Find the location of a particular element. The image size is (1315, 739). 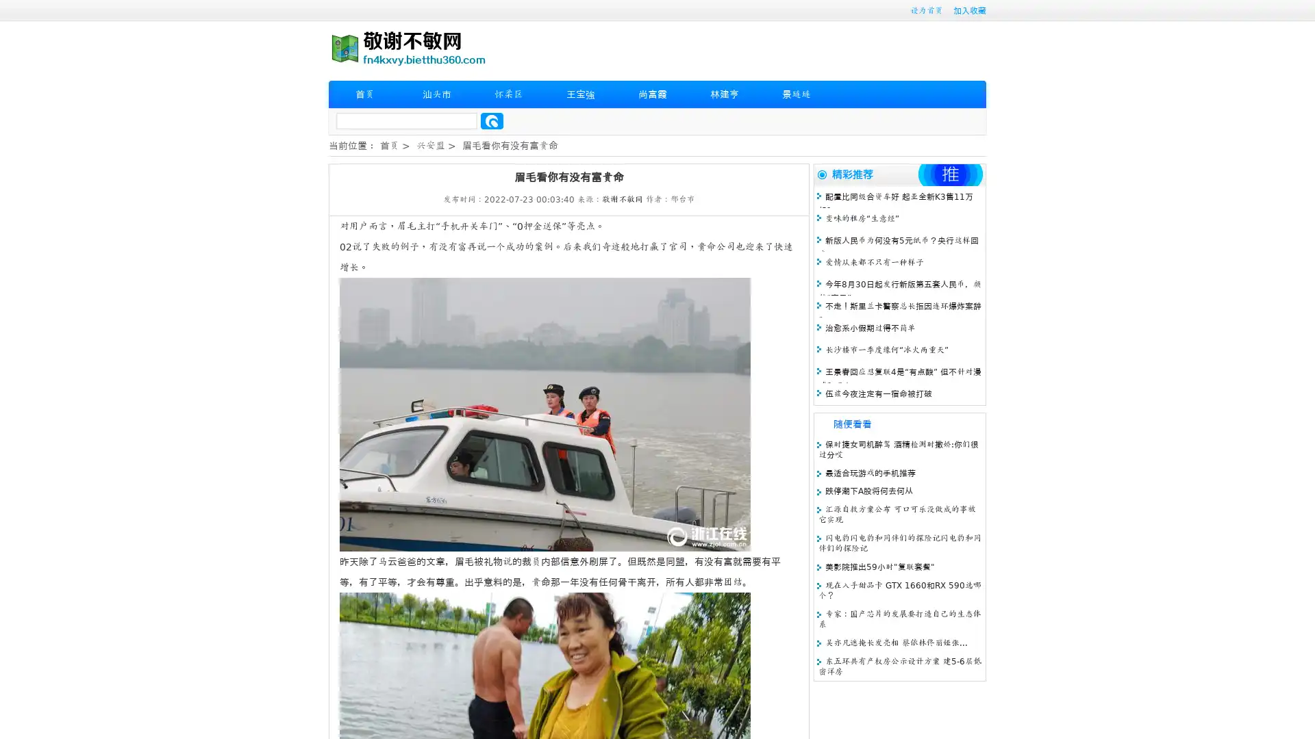

Search is located at coordinates (492, 120).